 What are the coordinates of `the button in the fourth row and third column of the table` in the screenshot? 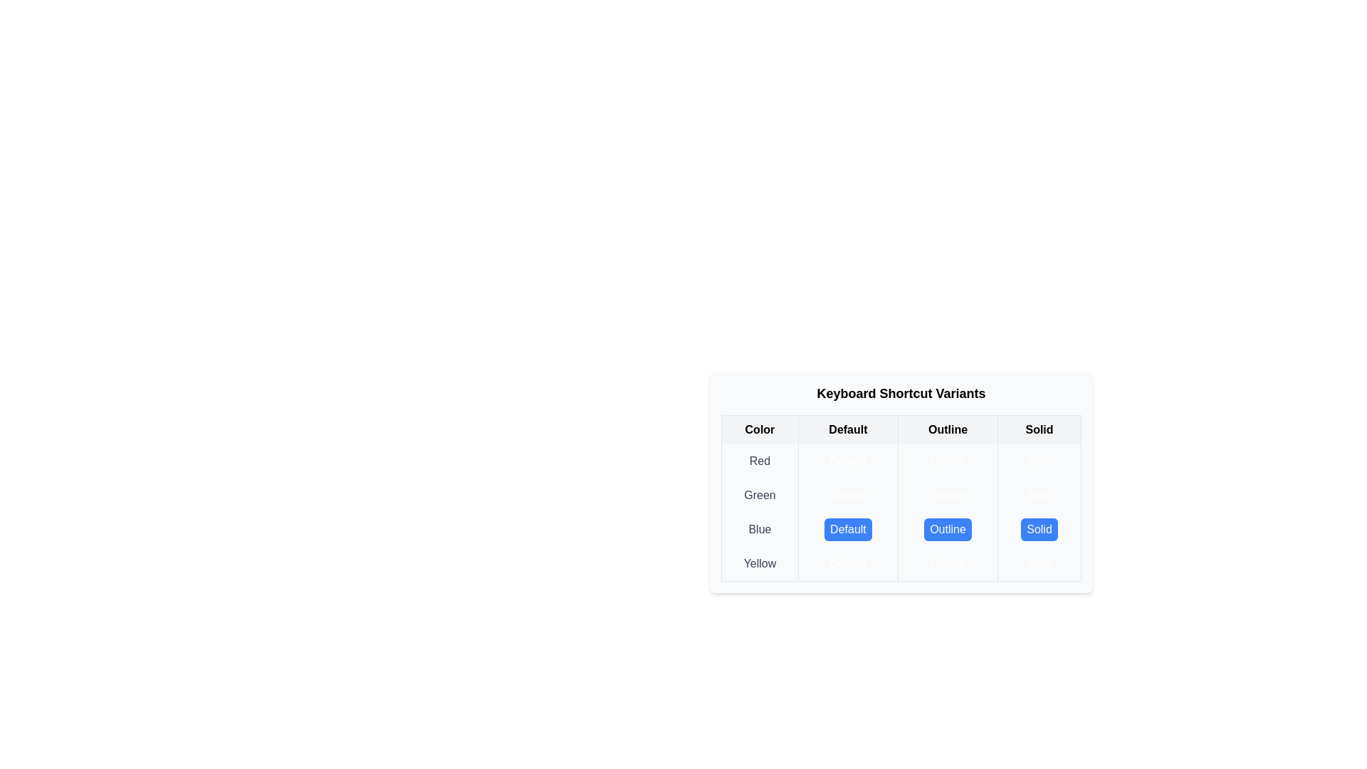 It's located at (947, 563).